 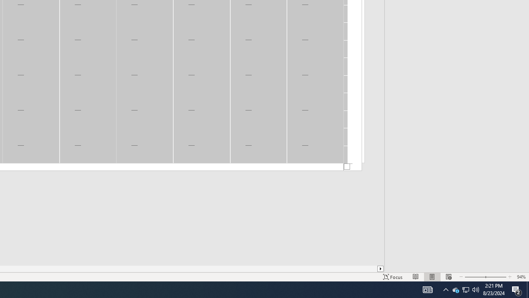 What do you see at coordinates (380, 269) in the screenshot?
I see `'Column right'` at bounding box center [380, 269].